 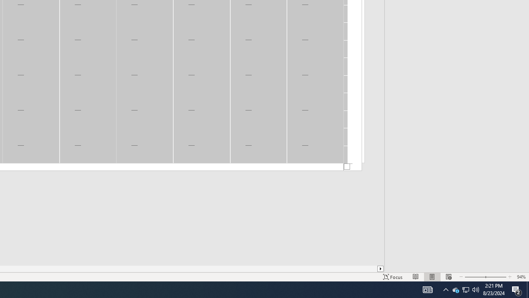 What do you see at coordinates (380, 269) in the screenshot?
I see `'Column right'` at bounding box center [380, 269].